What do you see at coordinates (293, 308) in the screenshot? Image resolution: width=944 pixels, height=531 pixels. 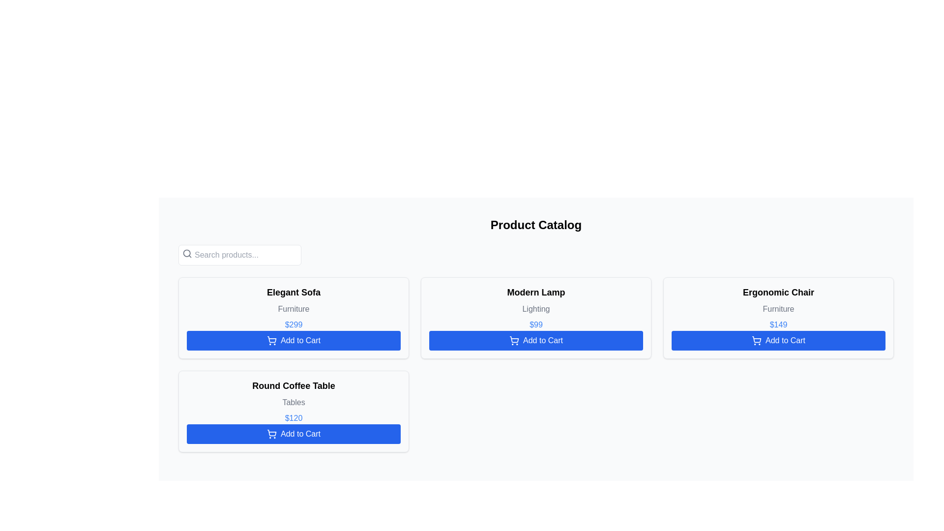 I see `the text label displaying 'Furniture' located beneath the product name 'Elegant Sofa' and above the price tag in the product card` at bounding box center [293, 308].